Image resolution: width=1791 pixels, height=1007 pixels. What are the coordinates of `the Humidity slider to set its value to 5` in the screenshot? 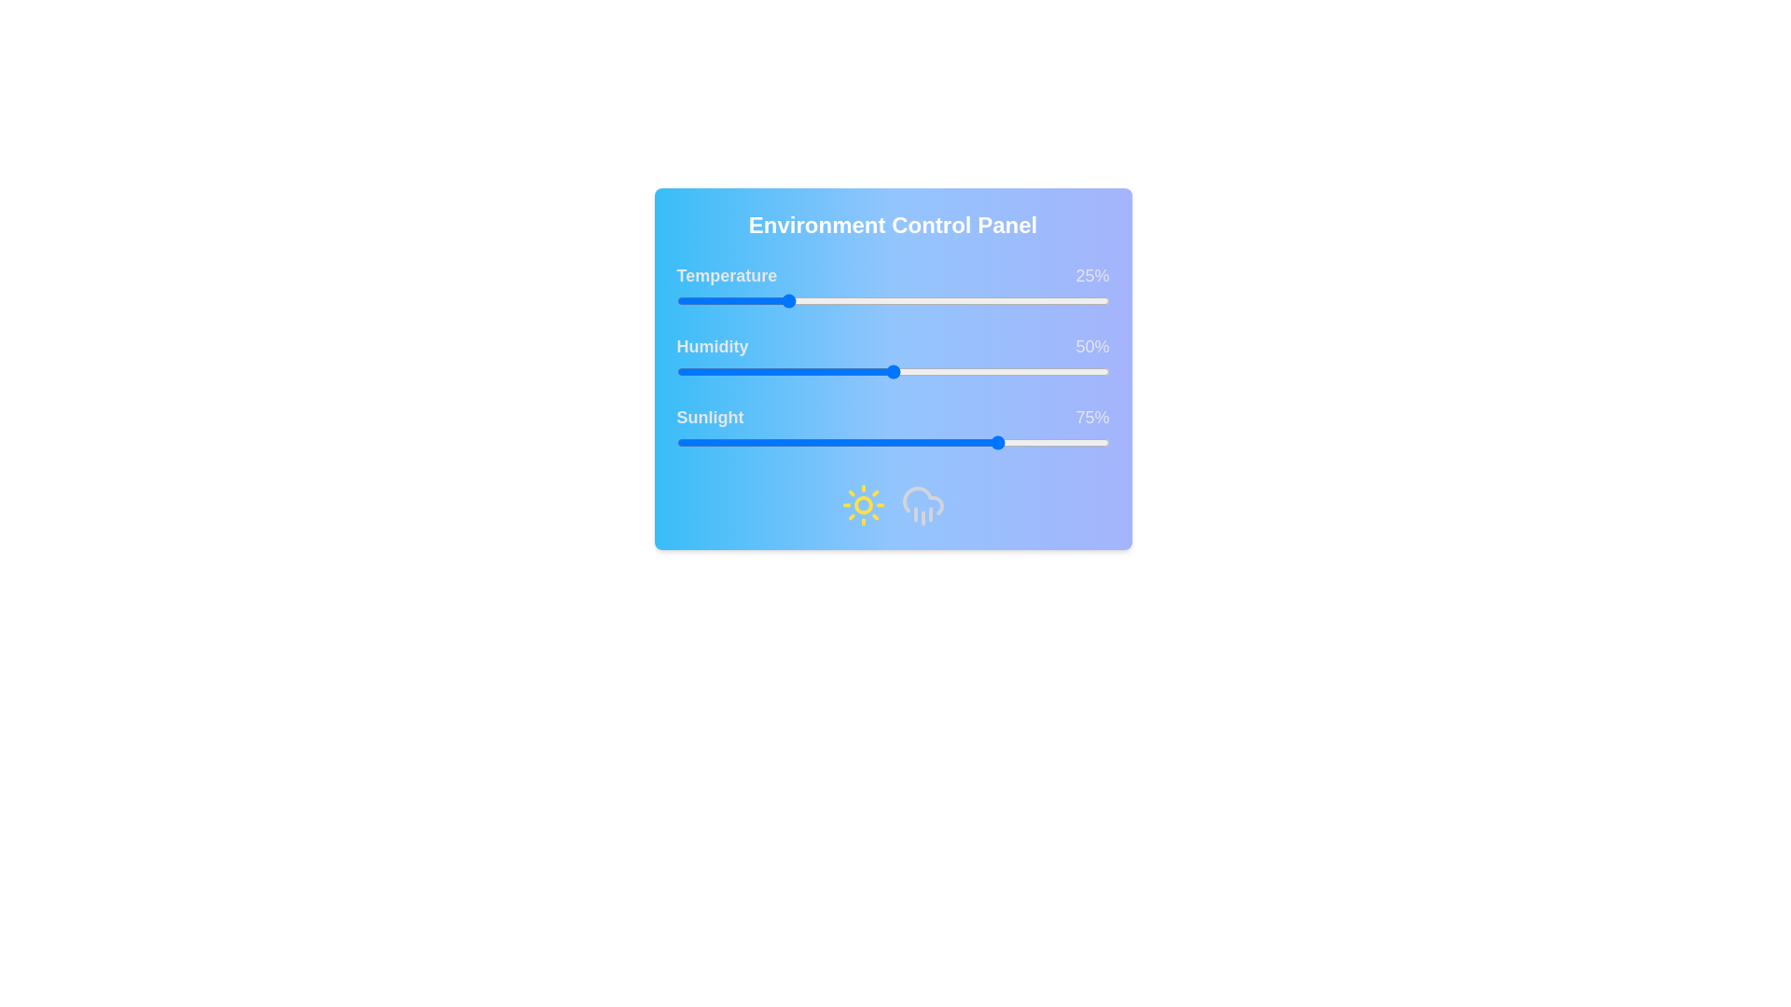 It's located at (697, 371).